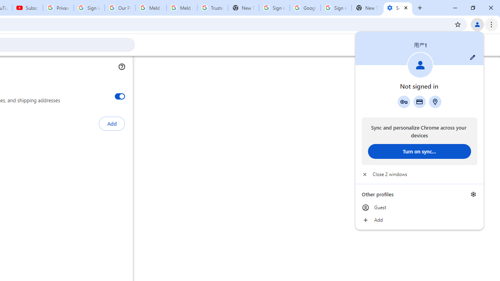  What do you see at coordinates (305, 8) in the screenshot?
I see `'Google Cybersecurity Innovations - Google Safety Center'` at bounding box center [305, 8].